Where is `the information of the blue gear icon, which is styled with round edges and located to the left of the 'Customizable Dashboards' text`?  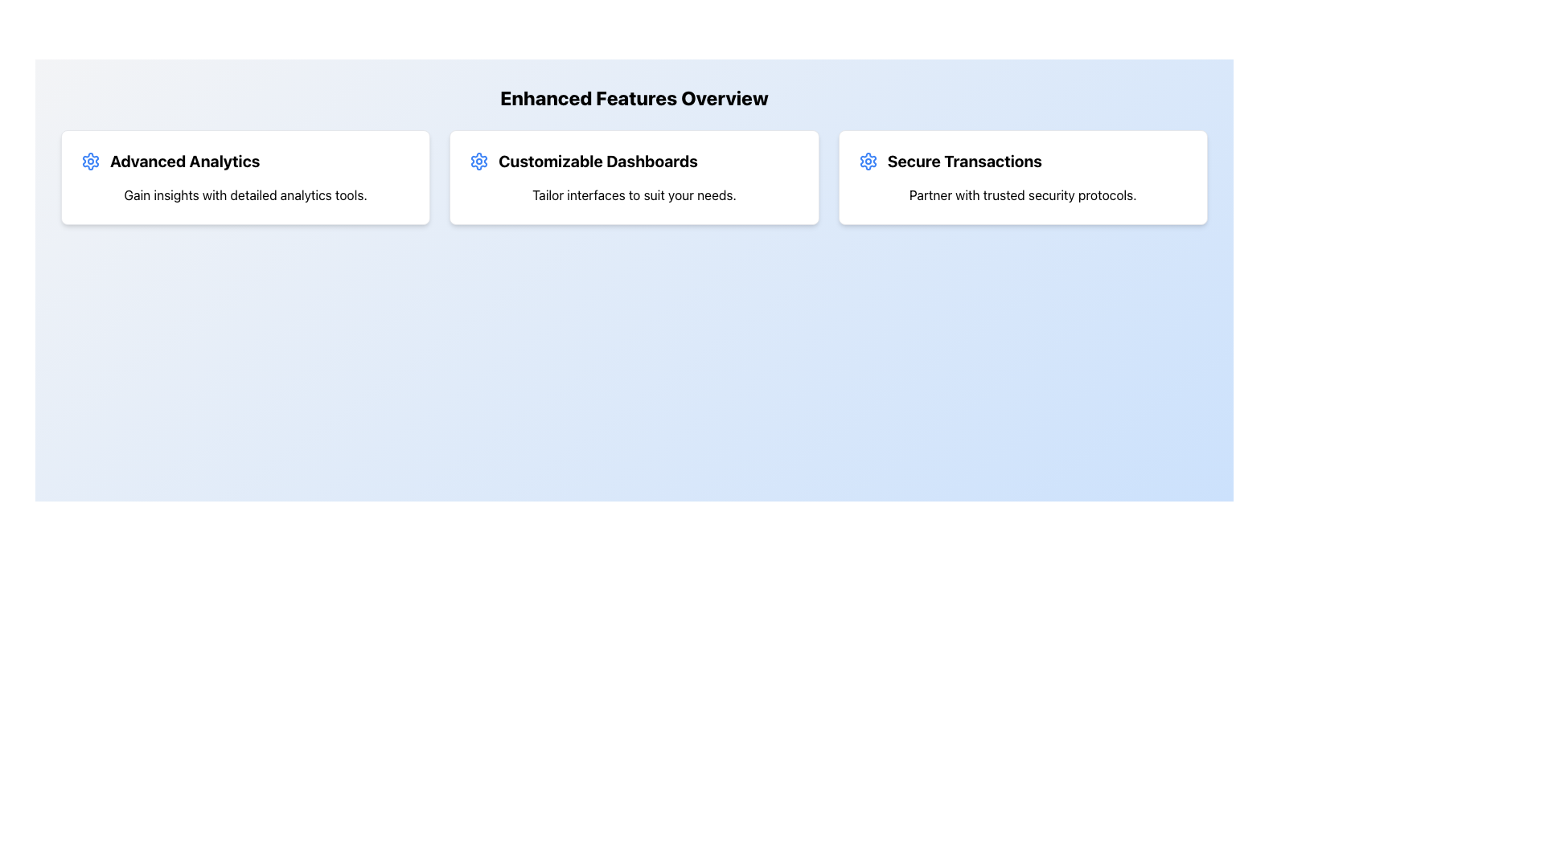 the information of the blue gear icon, which is styled with round edges and located to the left of the 'Customizable Dashboards' text is located at coordinates (478, 161).